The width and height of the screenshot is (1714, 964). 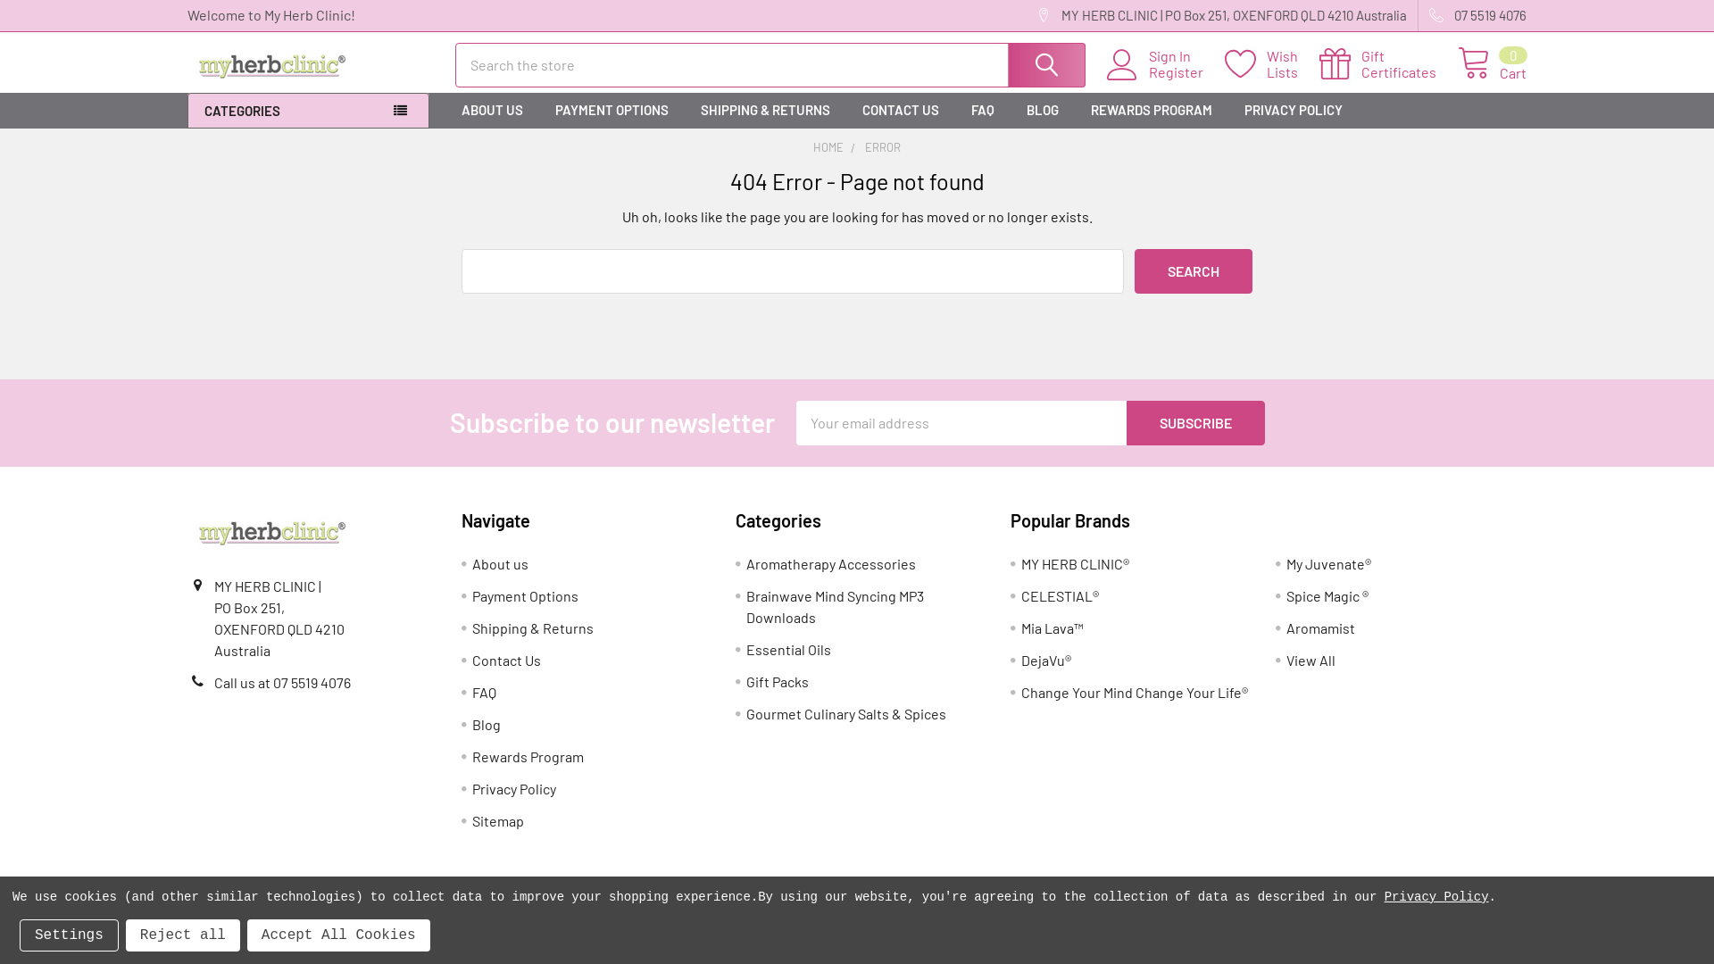 I want to click on 'Search', so click(x=1194, y=271).